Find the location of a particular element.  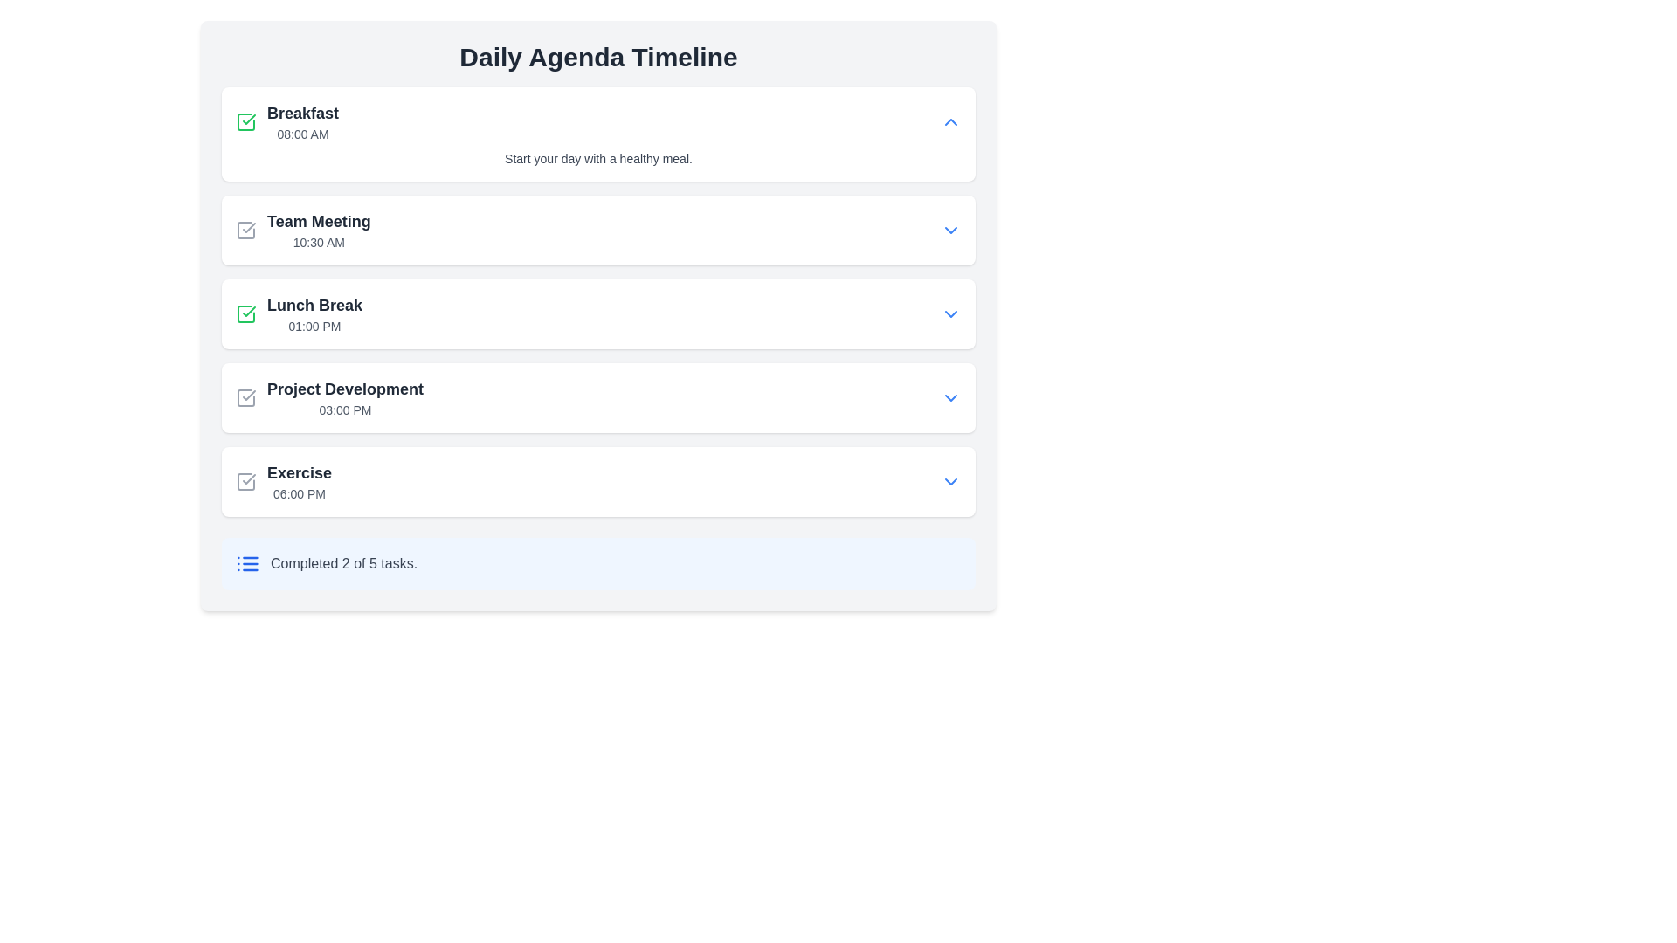

the 'Lunch Break' text label is located at coordinates (314, 305).